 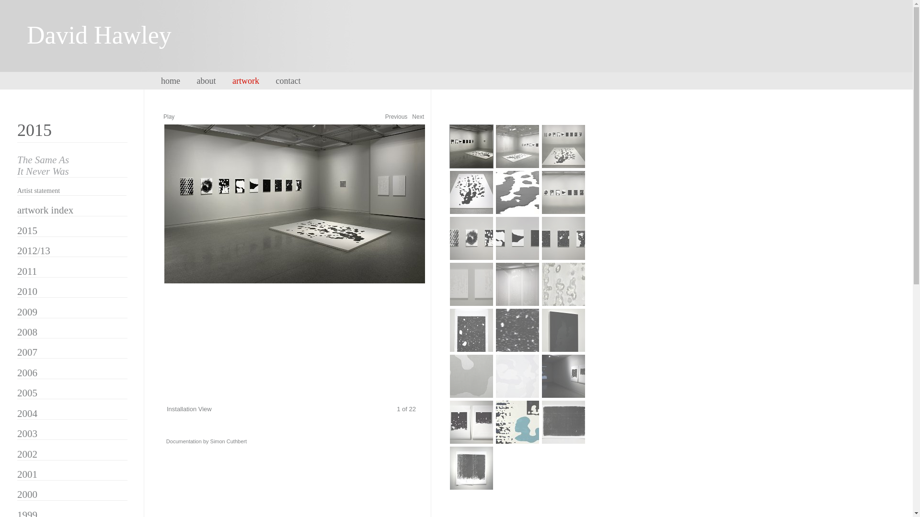 I want to click on '2006', so click(x=27, y=372).